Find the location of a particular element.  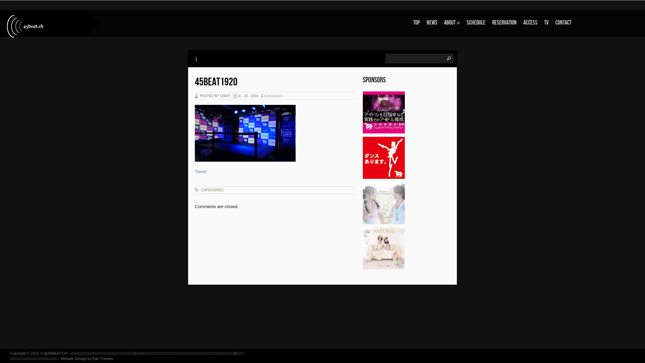

'SCHEDULE' is located at coordinates (475, 22).